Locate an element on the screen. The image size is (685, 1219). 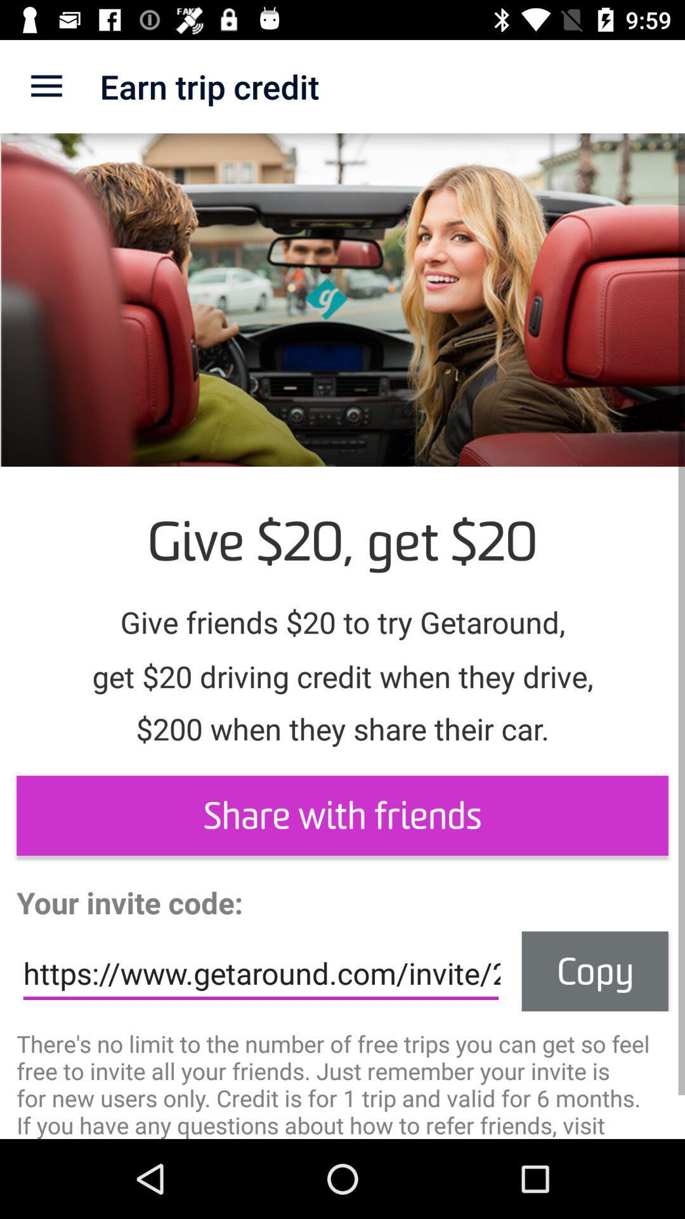
item above the there s no icon is located at coordinates (260, 973).